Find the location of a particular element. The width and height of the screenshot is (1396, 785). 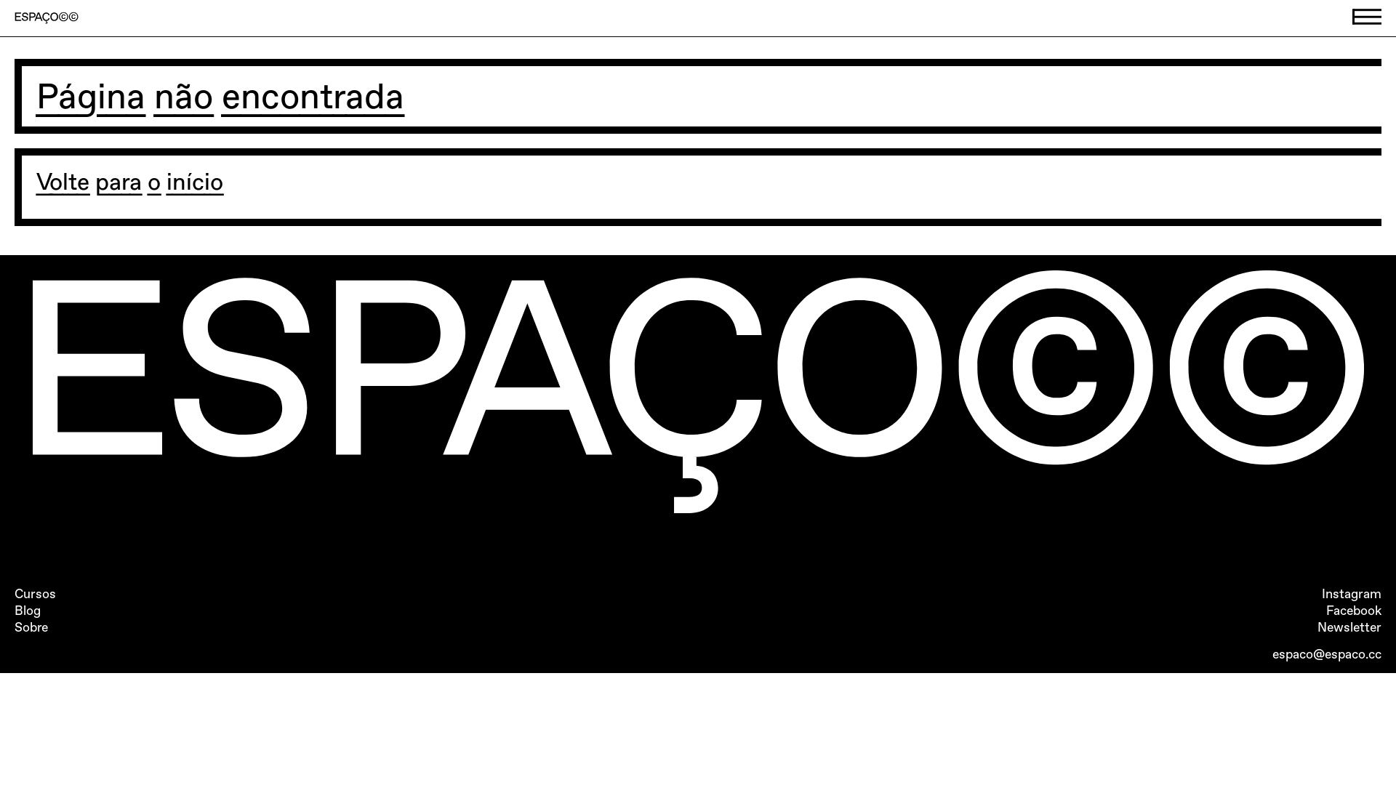

'Sobre' is located at coordinates (31, 627).